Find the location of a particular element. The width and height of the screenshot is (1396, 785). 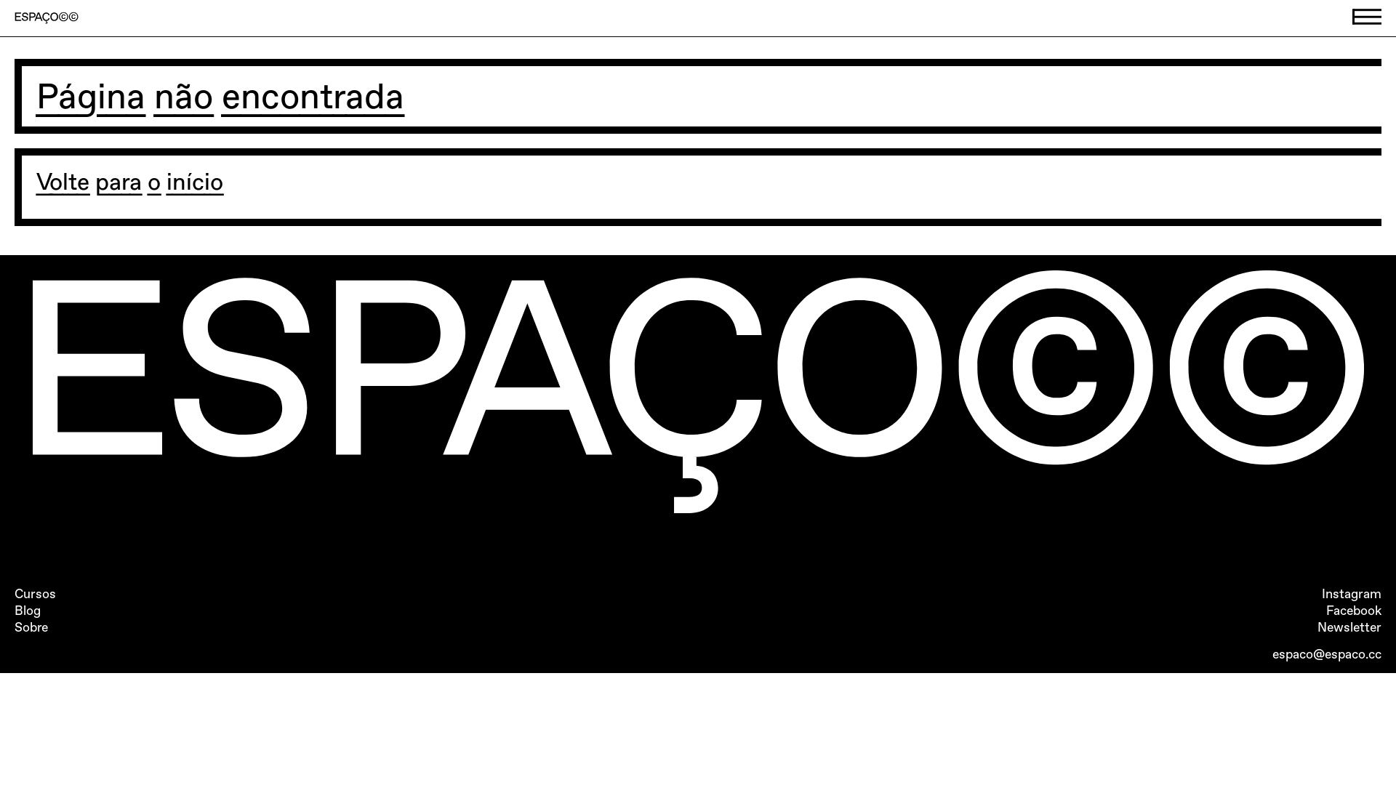

'Sobre' is located at coordinates (31, 627).